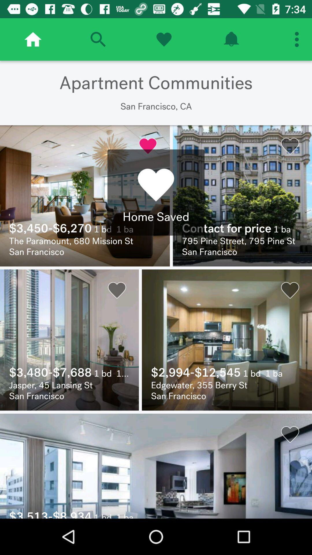  Describe the element at coordinates (231, 39) in the screenshot. I see `notifaction buton when something new comes up` at that location.